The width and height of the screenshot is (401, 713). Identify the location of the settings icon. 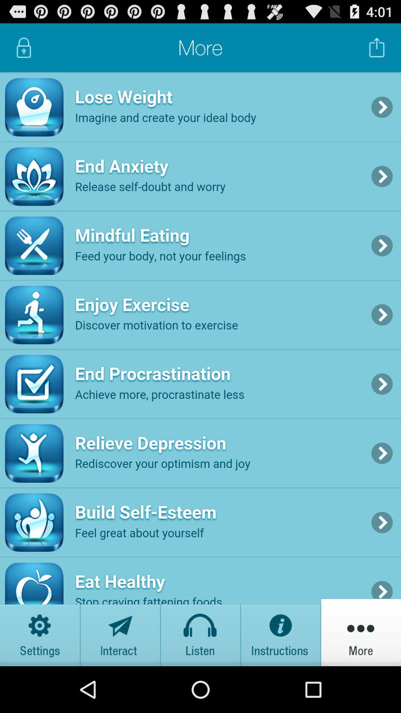
(40, 676).